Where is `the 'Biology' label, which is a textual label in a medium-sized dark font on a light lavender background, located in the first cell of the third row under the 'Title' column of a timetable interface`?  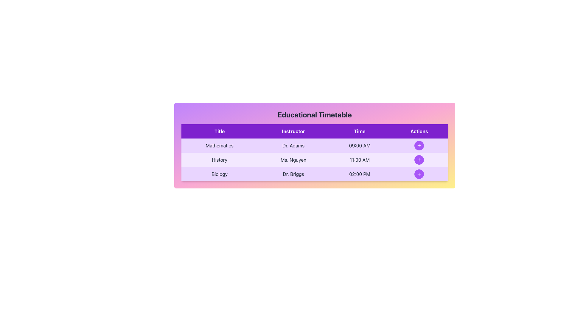
the 'Biology' label, which is a textual label in a medium-sized dark font on a light lavender background, located in the first cell of the third row under the 'Title' column of a timetable interface is located at coordinates (219, 174).